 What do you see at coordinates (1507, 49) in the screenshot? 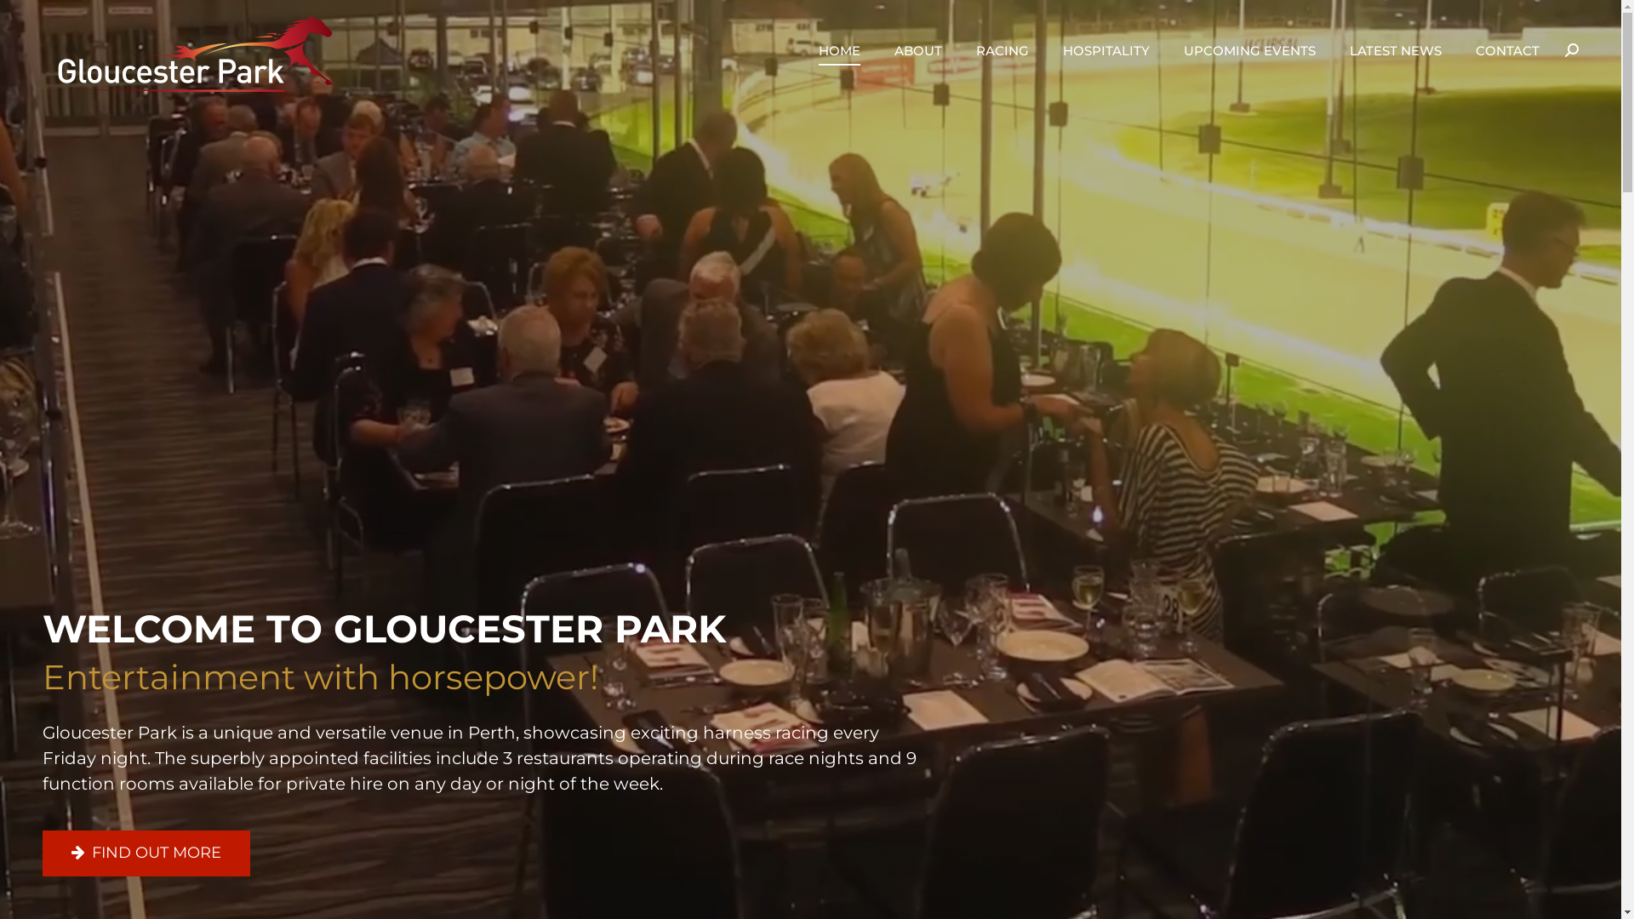
I see `'CONTACT'` at bounding box center [1507, 49].